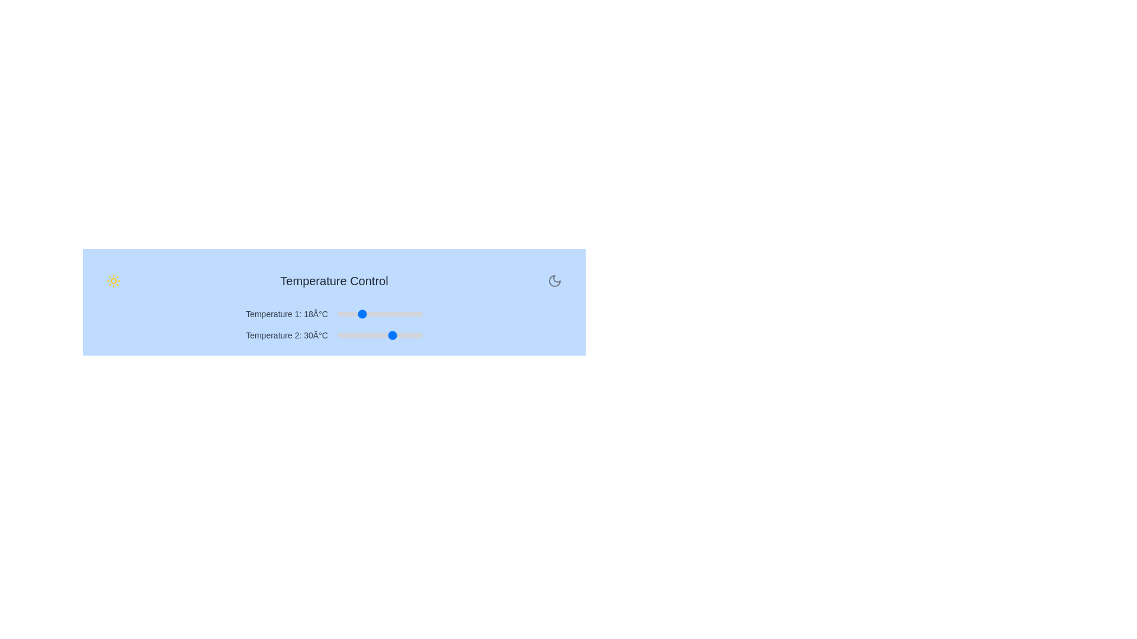 The height and width of the screenshot is (639, 1137). Describe the element at coordinates (408, 314) in the screenshot. I see `the temperature` at that location.